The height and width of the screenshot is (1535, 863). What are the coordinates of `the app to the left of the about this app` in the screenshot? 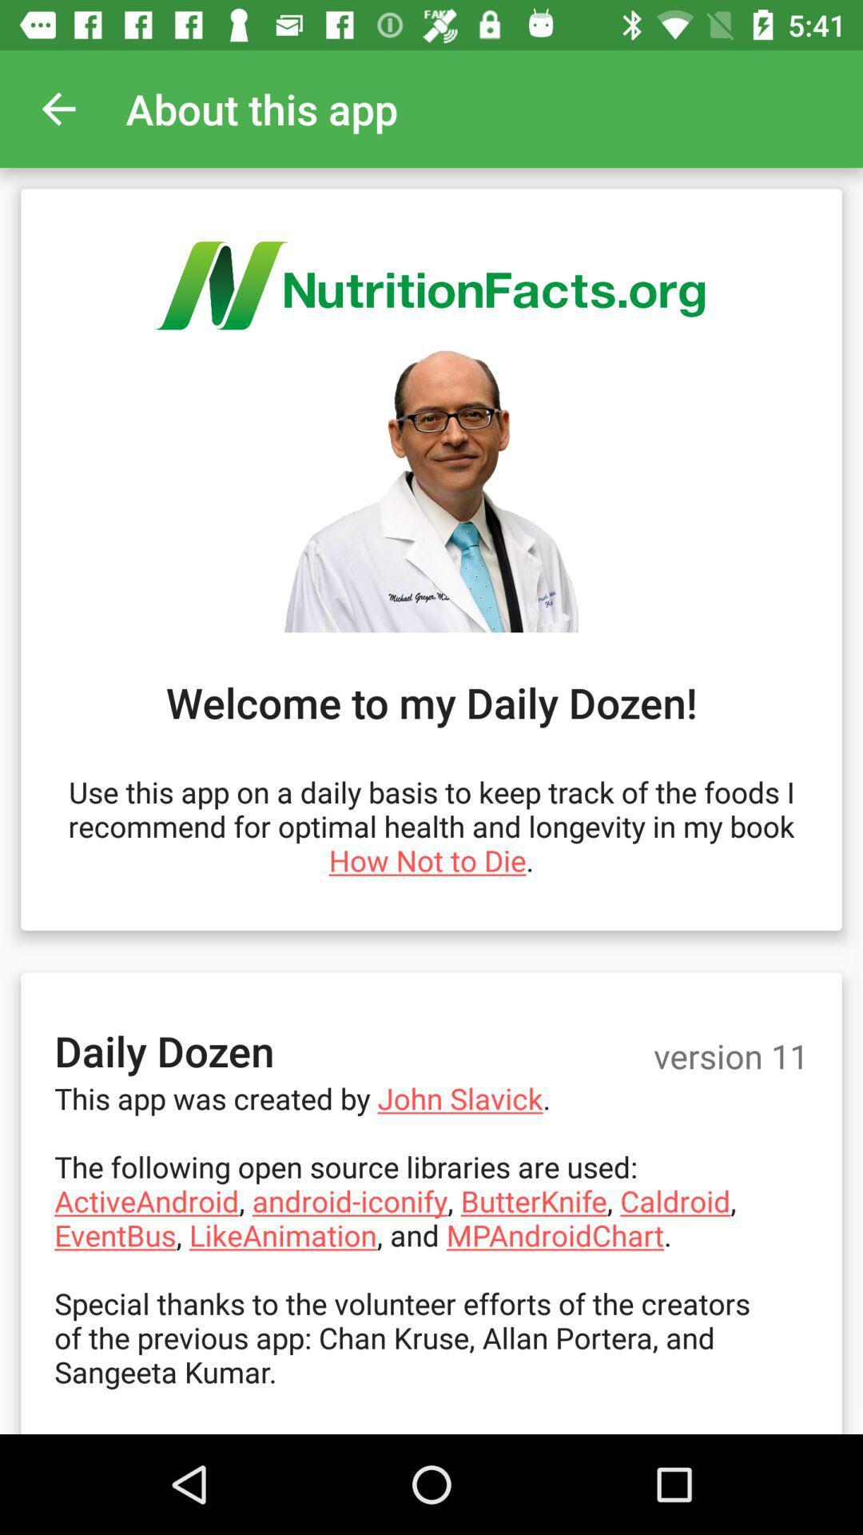 It's located at (58, 108).